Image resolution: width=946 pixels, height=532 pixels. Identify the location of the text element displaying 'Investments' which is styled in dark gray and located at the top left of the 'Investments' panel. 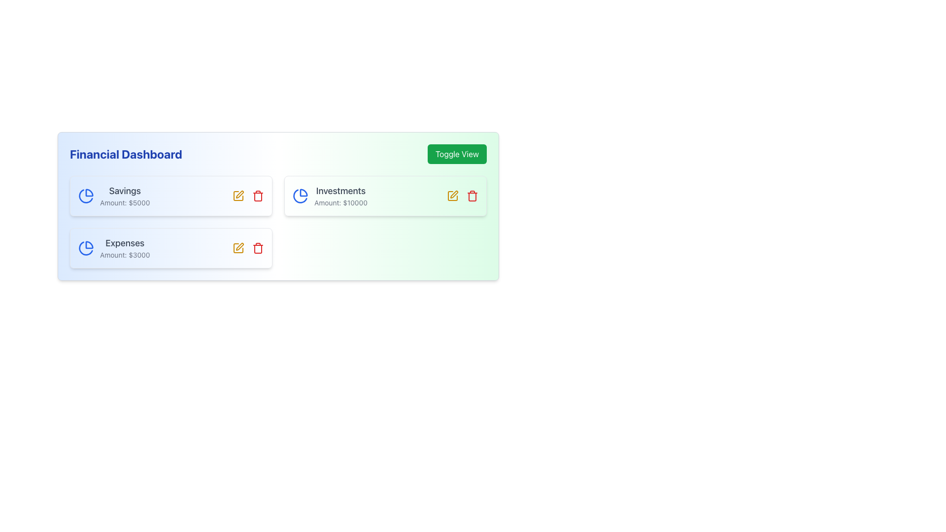
(340, 191).